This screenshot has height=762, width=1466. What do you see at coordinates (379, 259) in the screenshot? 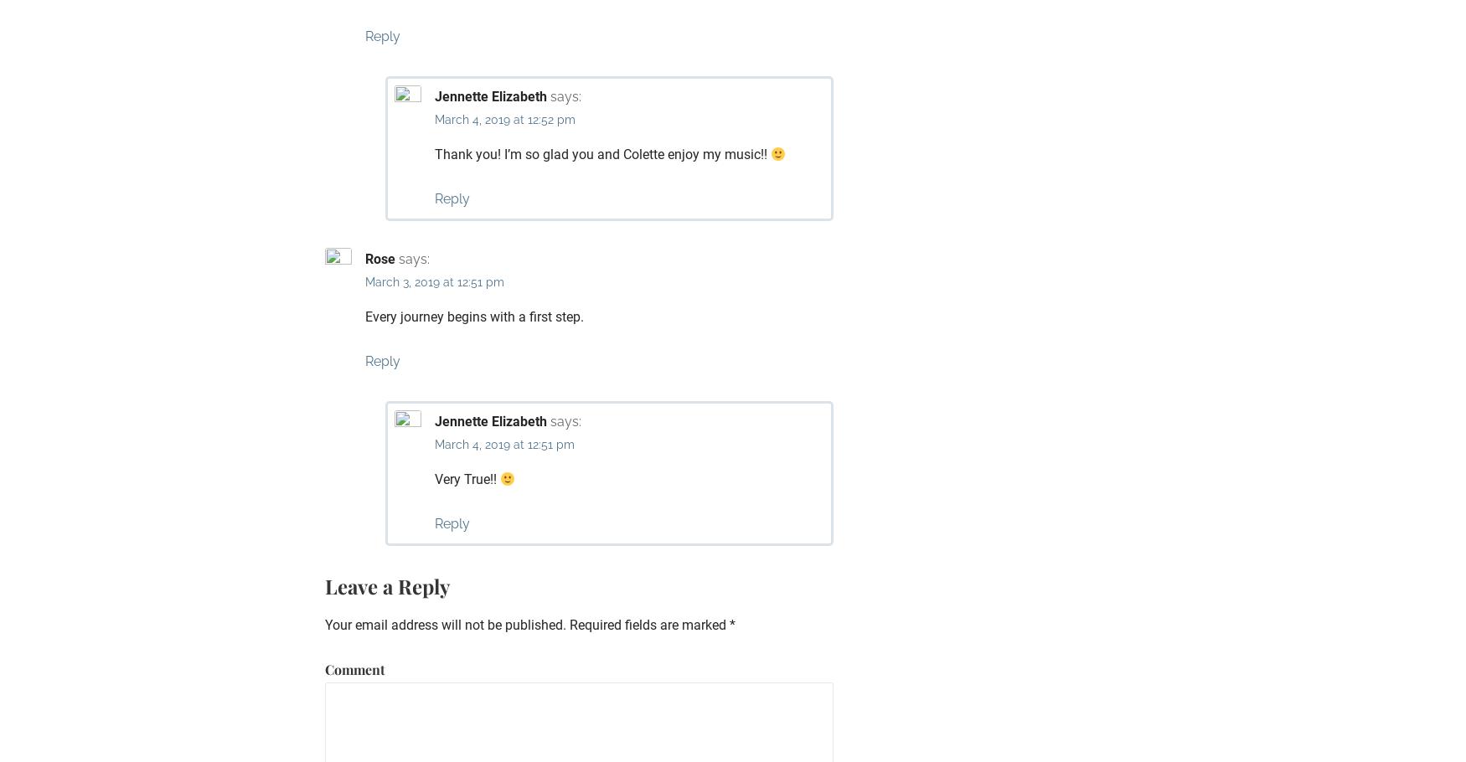
I see `'Rose'` at bounding box center [379, 259].